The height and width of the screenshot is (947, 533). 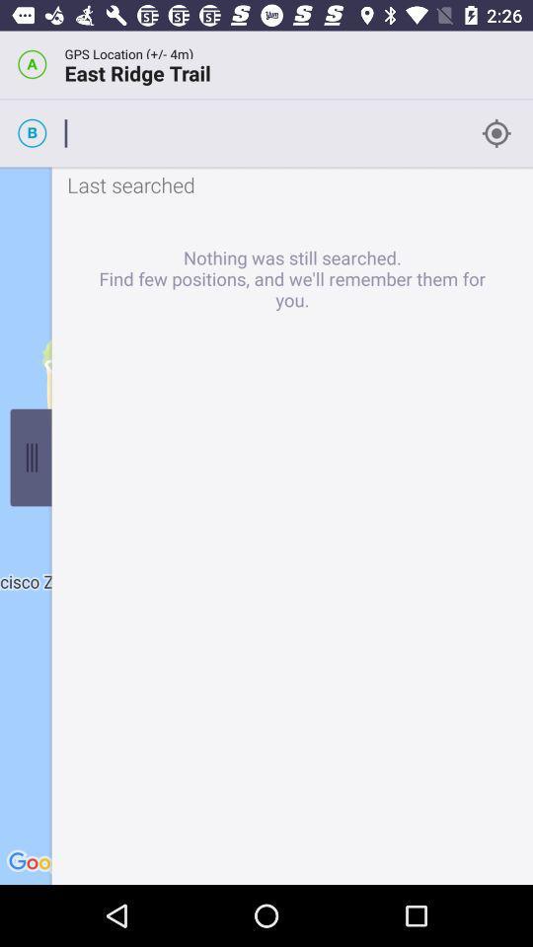 I want to click on the symbol a which is circled, so click(x=31, y=64).